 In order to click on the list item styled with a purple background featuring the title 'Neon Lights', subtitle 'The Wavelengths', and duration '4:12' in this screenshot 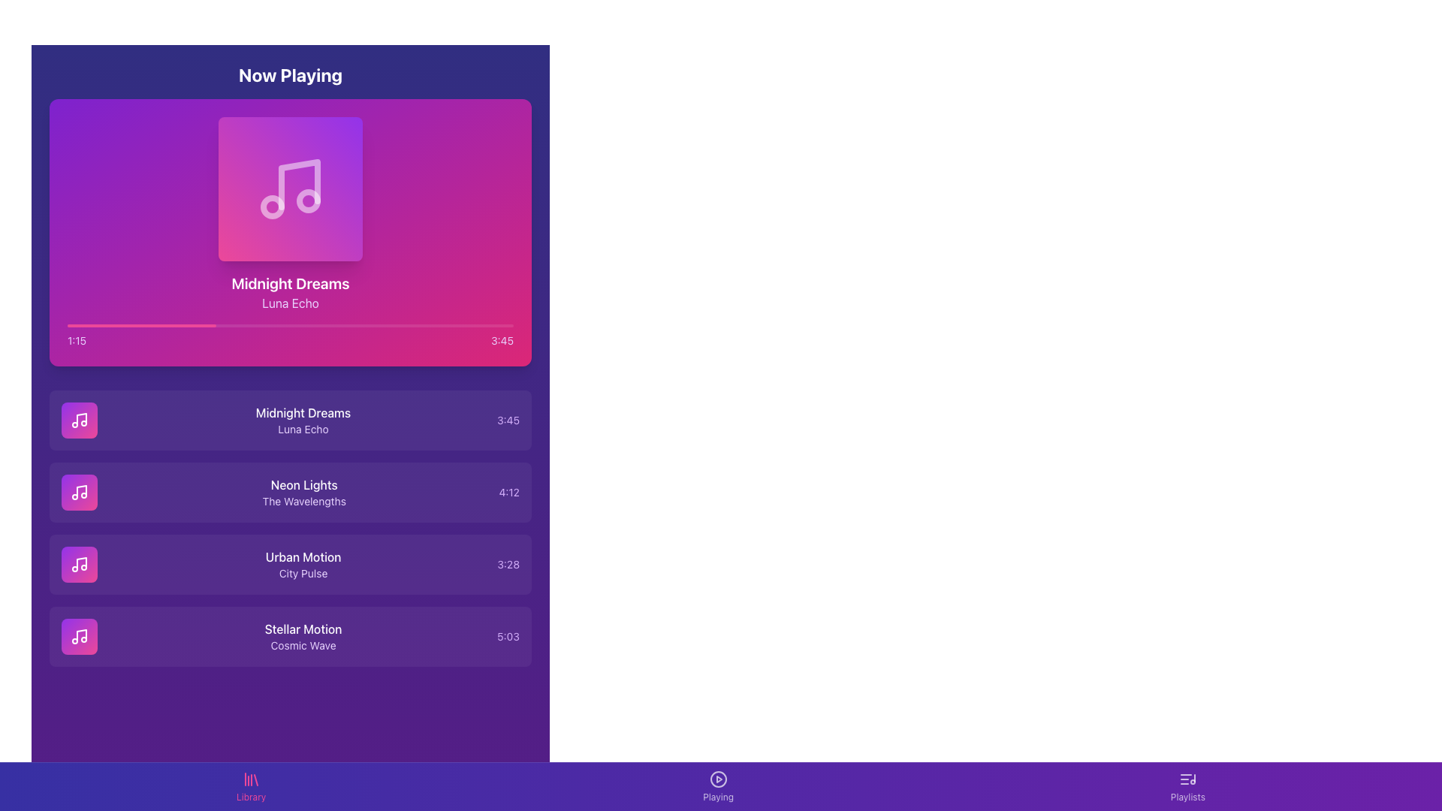, I will do `click(291, 492)`.